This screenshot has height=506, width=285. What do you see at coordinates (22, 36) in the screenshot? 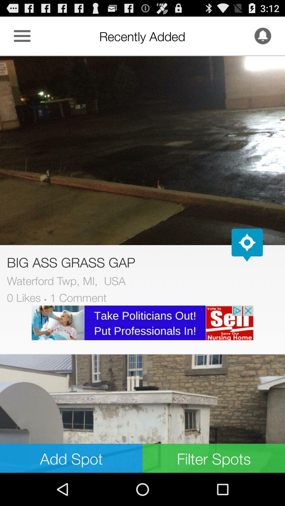
I see `open menu` at bounding box center [22, 36].